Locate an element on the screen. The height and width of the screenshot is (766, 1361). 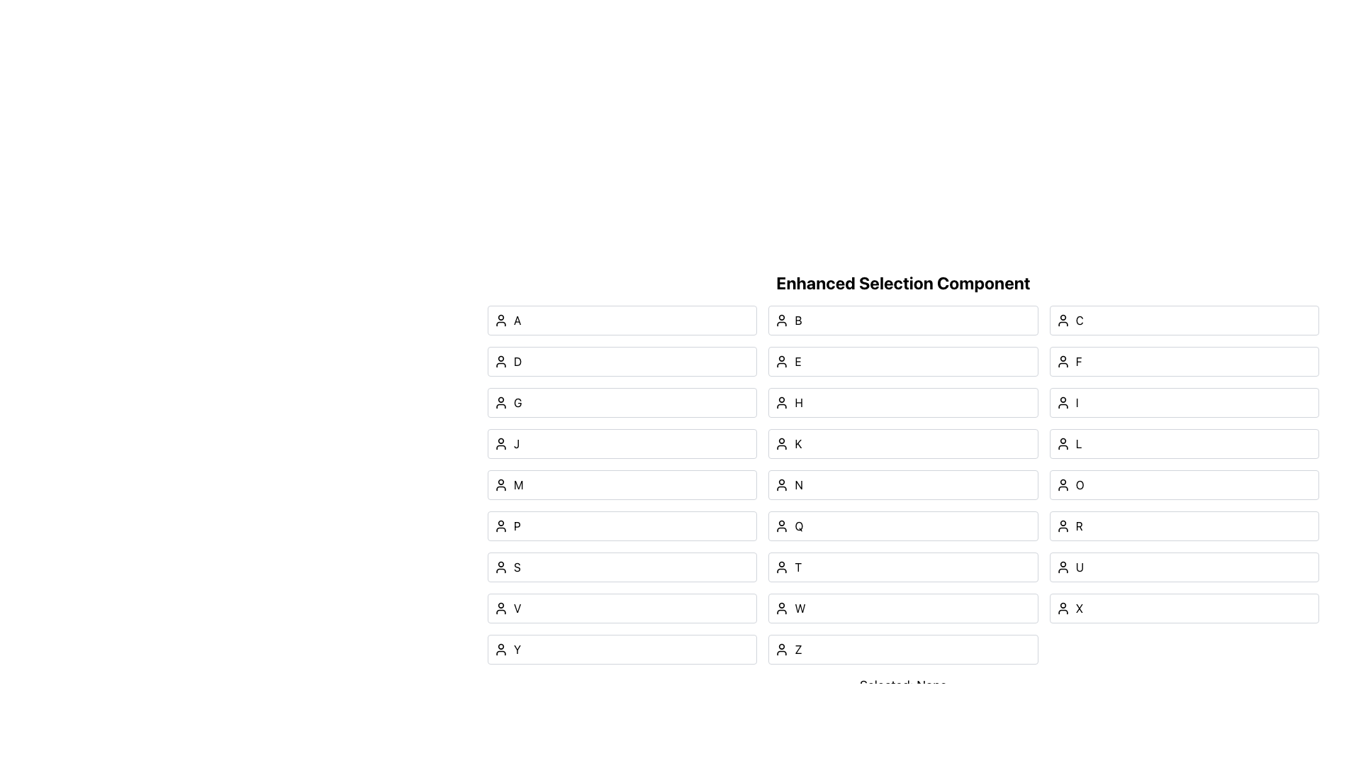
the selectable option button labeled 'K' located in the fourth row and second column of the grid layout under the title 'Enhanced Selection Component' is located at coordinates (902, 443).